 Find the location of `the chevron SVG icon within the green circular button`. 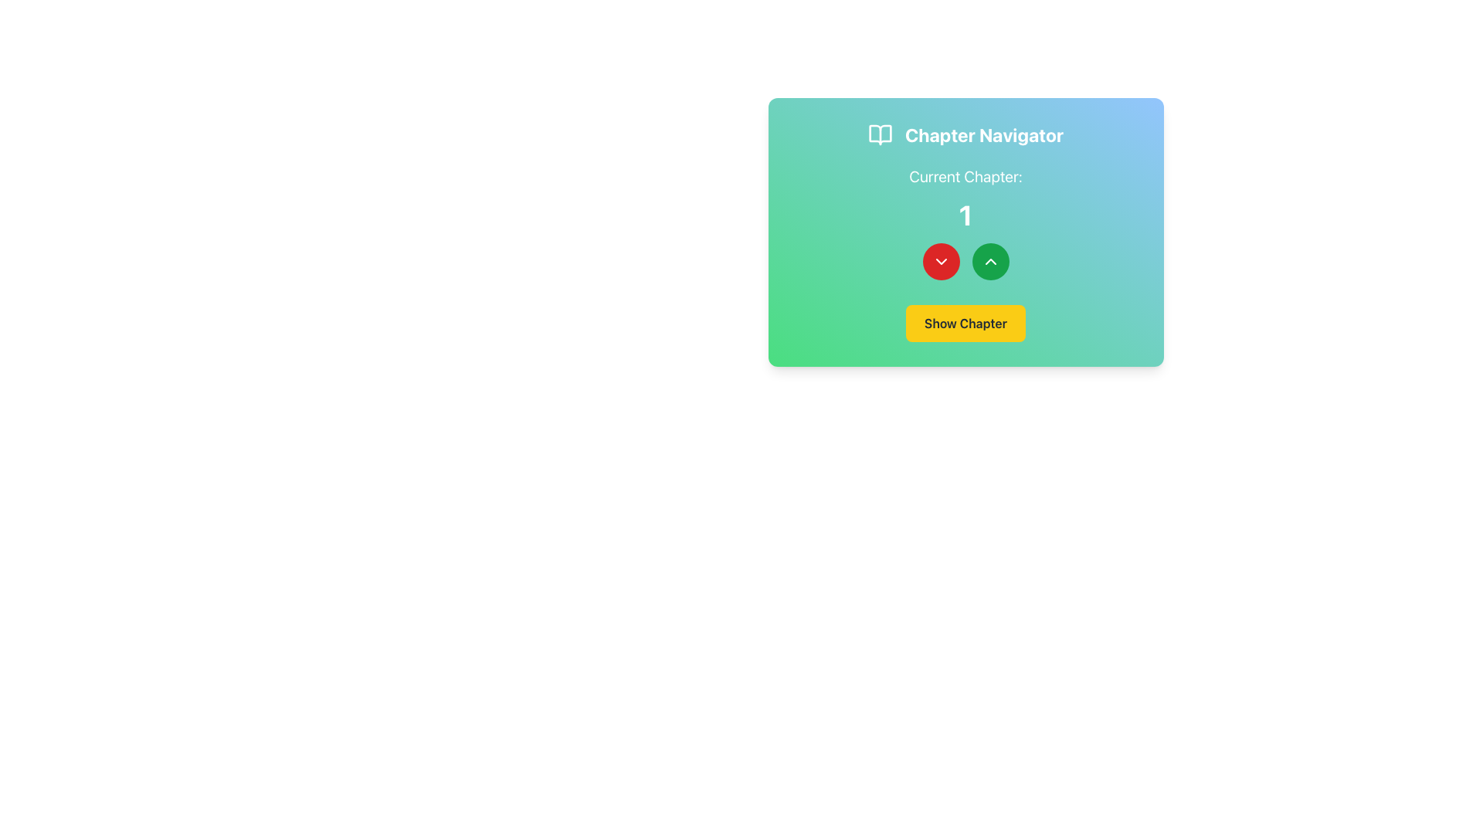

the chevron SVG icon within the green circular button is located at coordinates (990, 261).